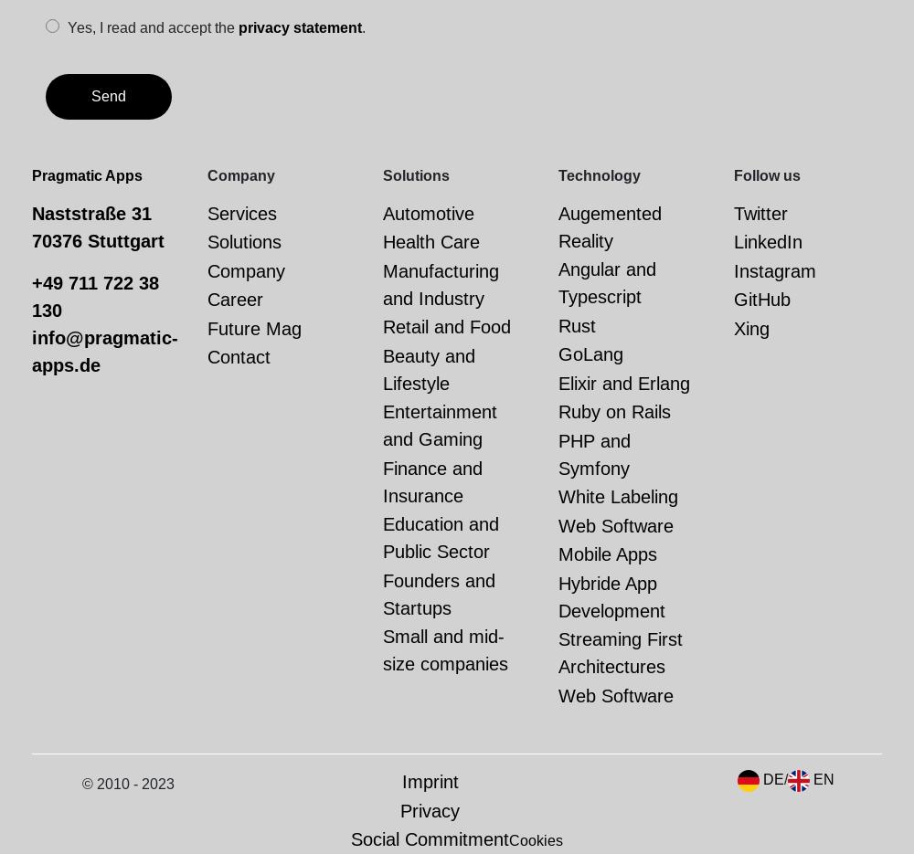 Image resolution: width=914 pixels, height=854 pixels. Describe the element at coordinates (428, 213) in the screenshot. I see `'Automotive'` at that location.